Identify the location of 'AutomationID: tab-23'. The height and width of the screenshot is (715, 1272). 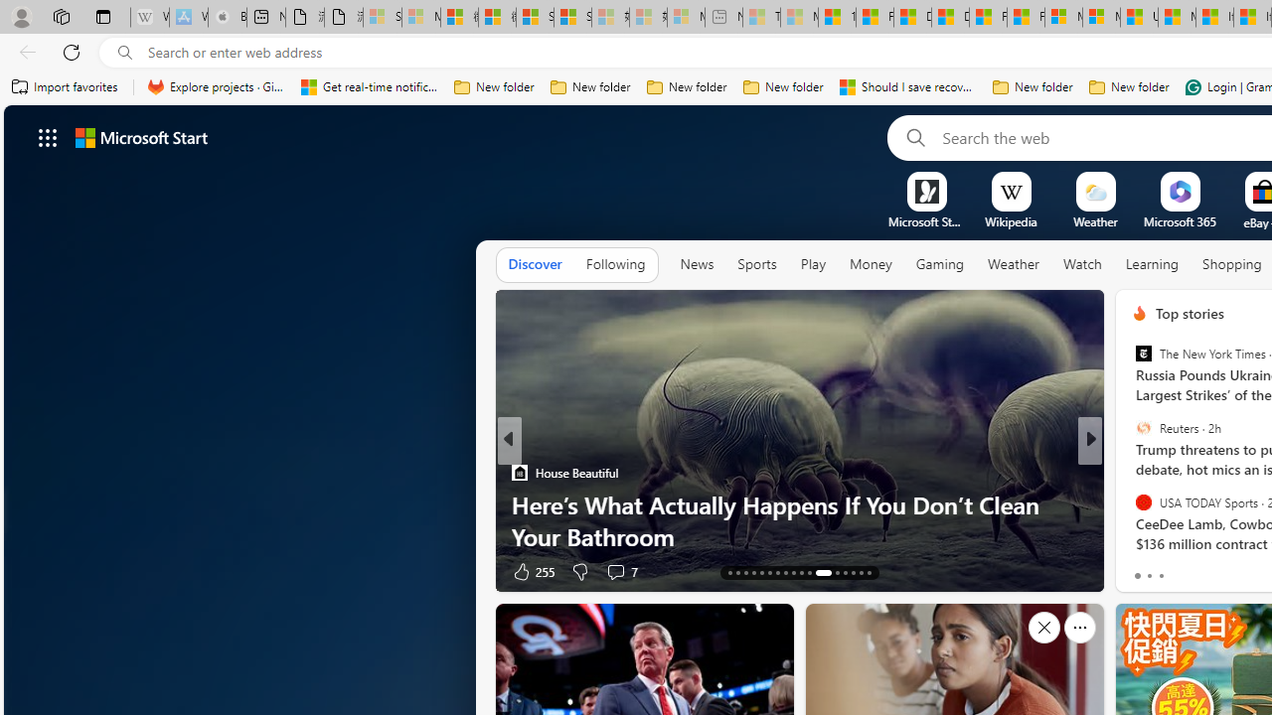
(809, 573).